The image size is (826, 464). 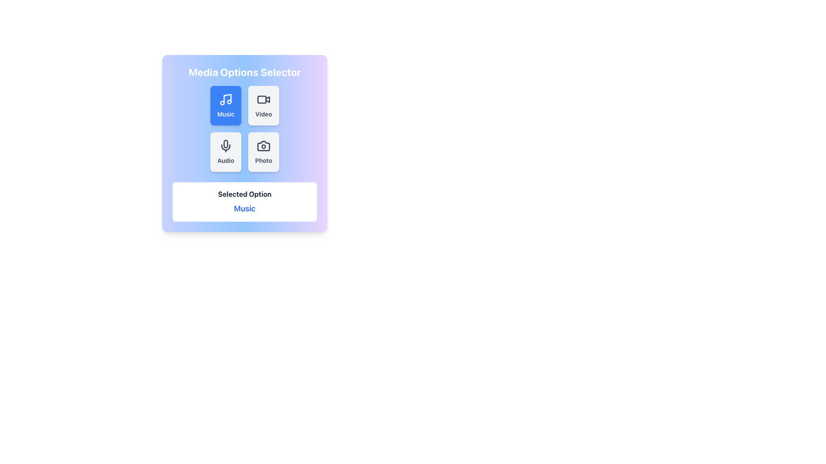 What do you see at coordinates (227, 98) in the screenshot?
I see `the music icon within the blue button labeled 'Music', located in the top-left corner of the media options selector` at bounding box center [227, 98].